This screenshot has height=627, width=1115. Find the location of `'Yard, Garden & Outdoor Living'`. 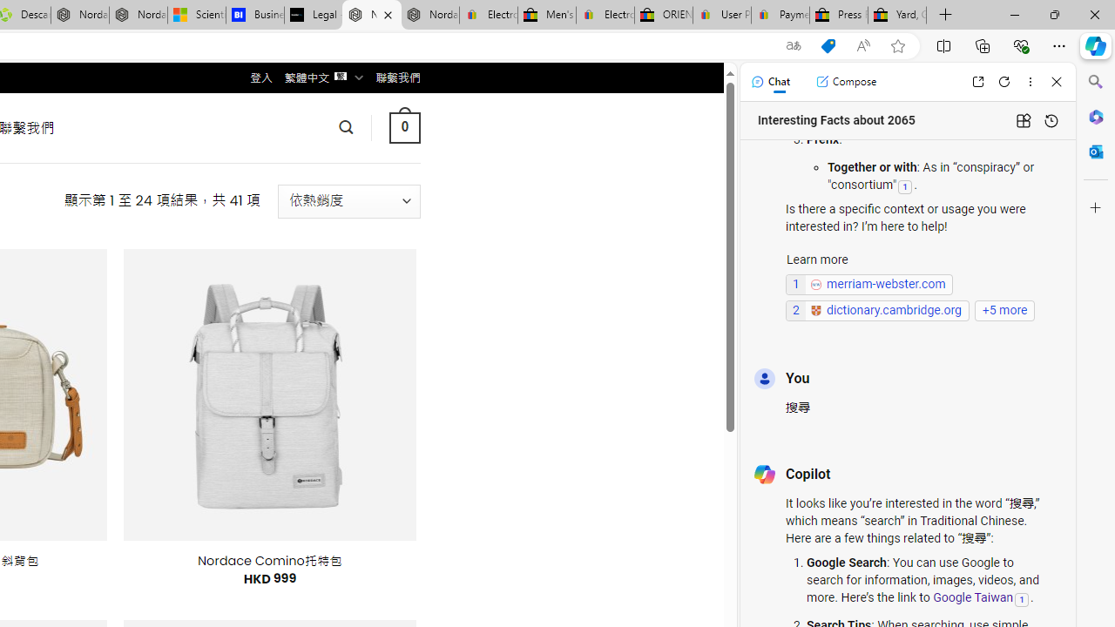

'Yard, Garden & Outdoor Living' is located at coordinates (897, 15).